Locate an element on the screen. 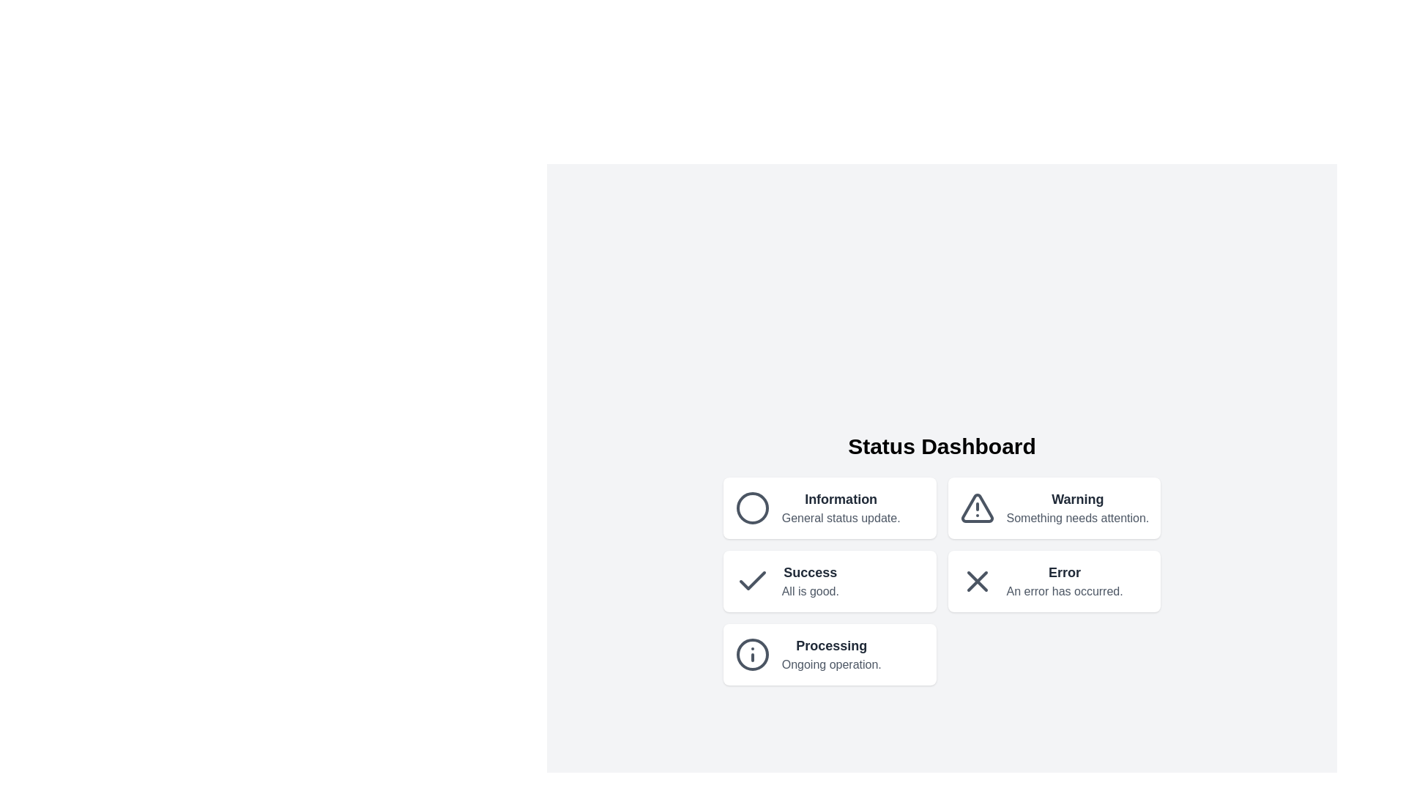 The image size is (1406, 791). the status indicator text label that represents a successful state, located in the middle-left of the grid layout is located at coordinates (809, 572).